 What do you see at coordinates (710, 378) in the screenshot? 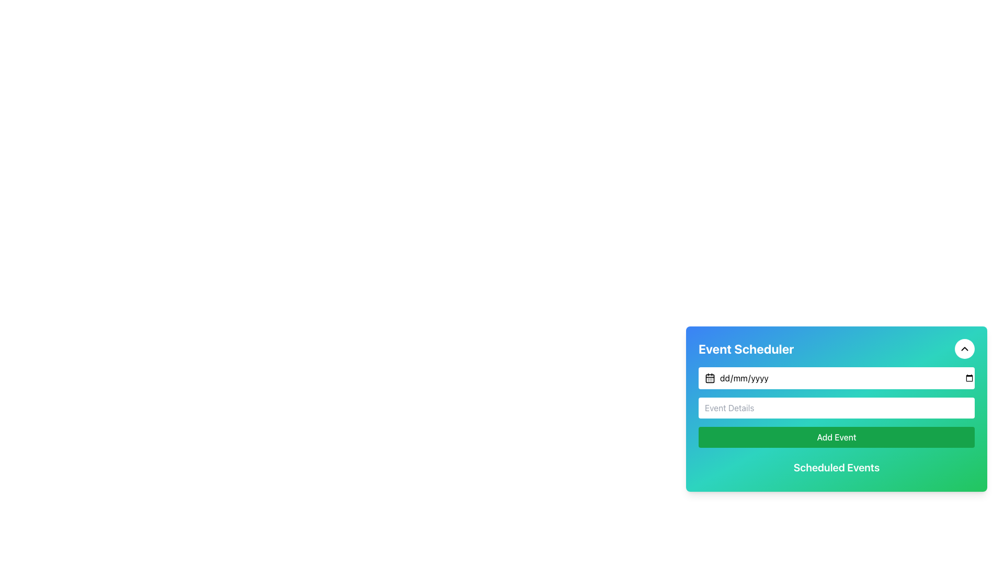
I see `the calendar icon located in the 'Event Scheduler' modal` at bounding box center [710, 378].